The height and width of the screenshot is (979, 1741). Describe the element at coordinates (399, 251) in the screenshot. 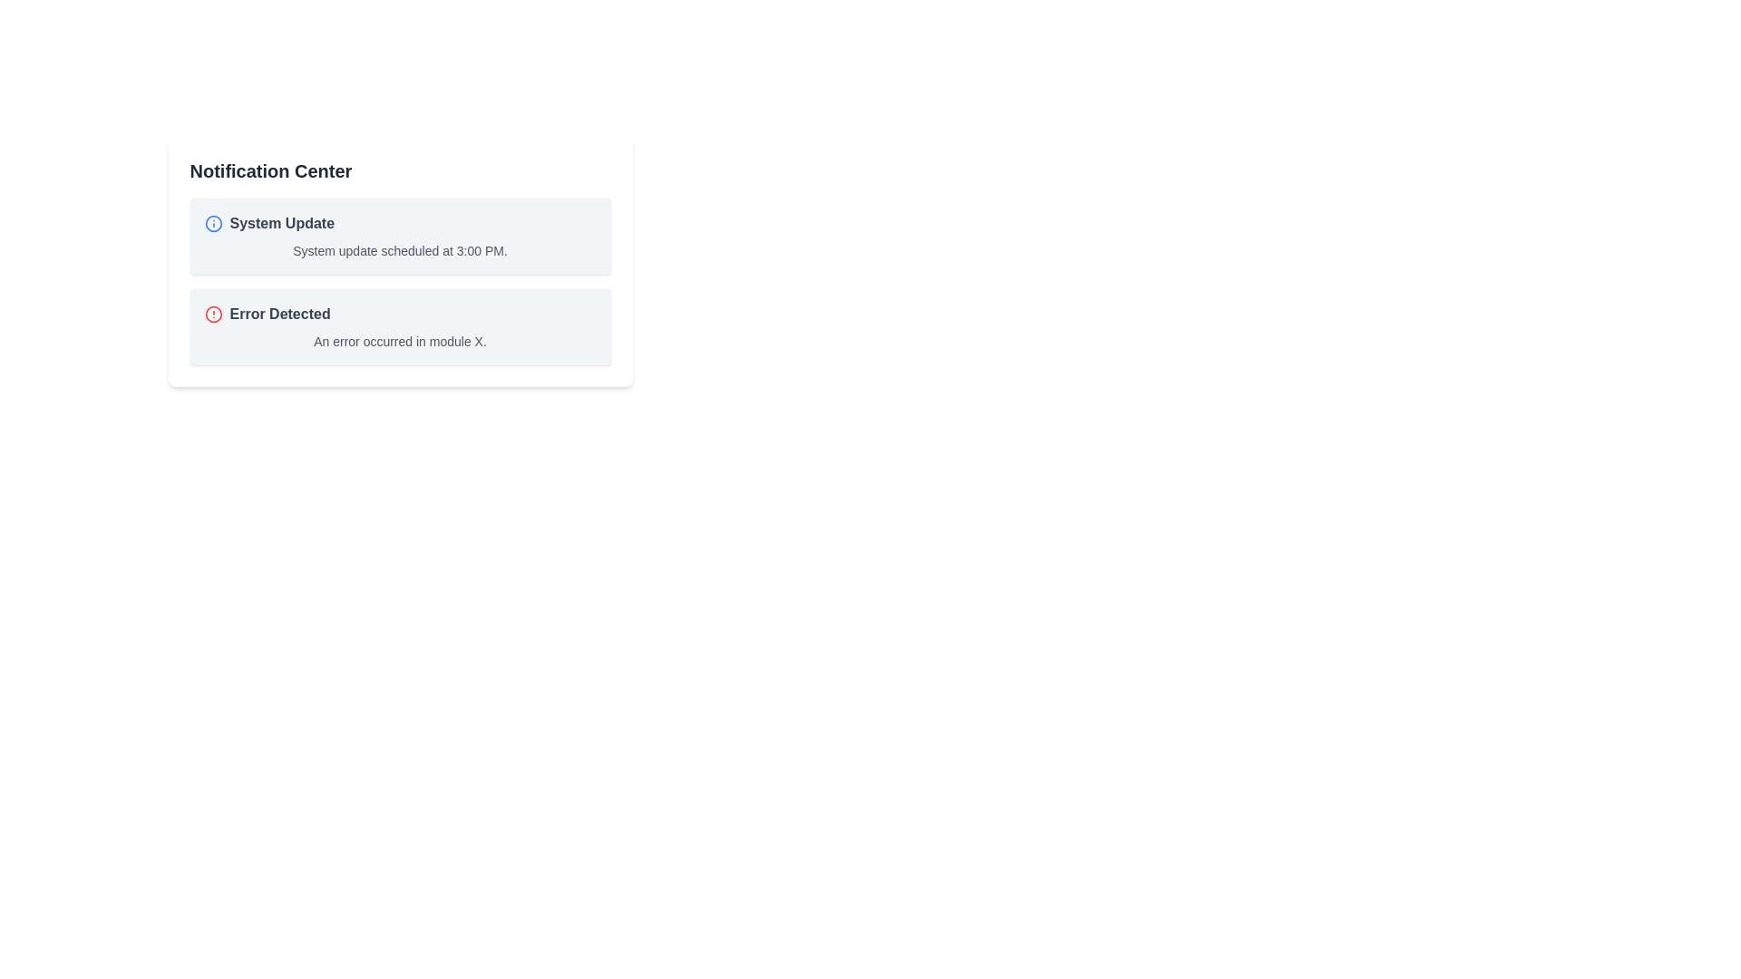

I see `the notification message about the scheduled system update located in the 'System Update' section, centered within the notification box` at that location.